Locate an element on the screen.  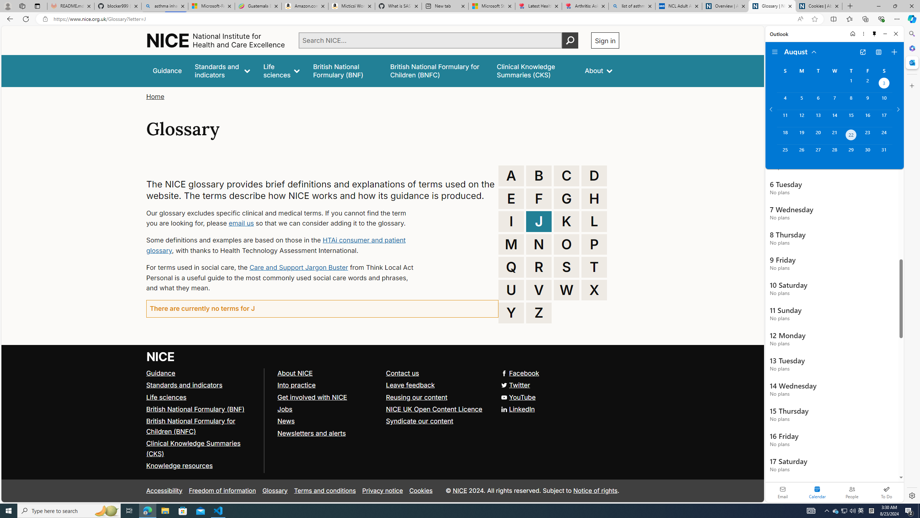
'Syndicate our content' is located at coordinates (437, 421).